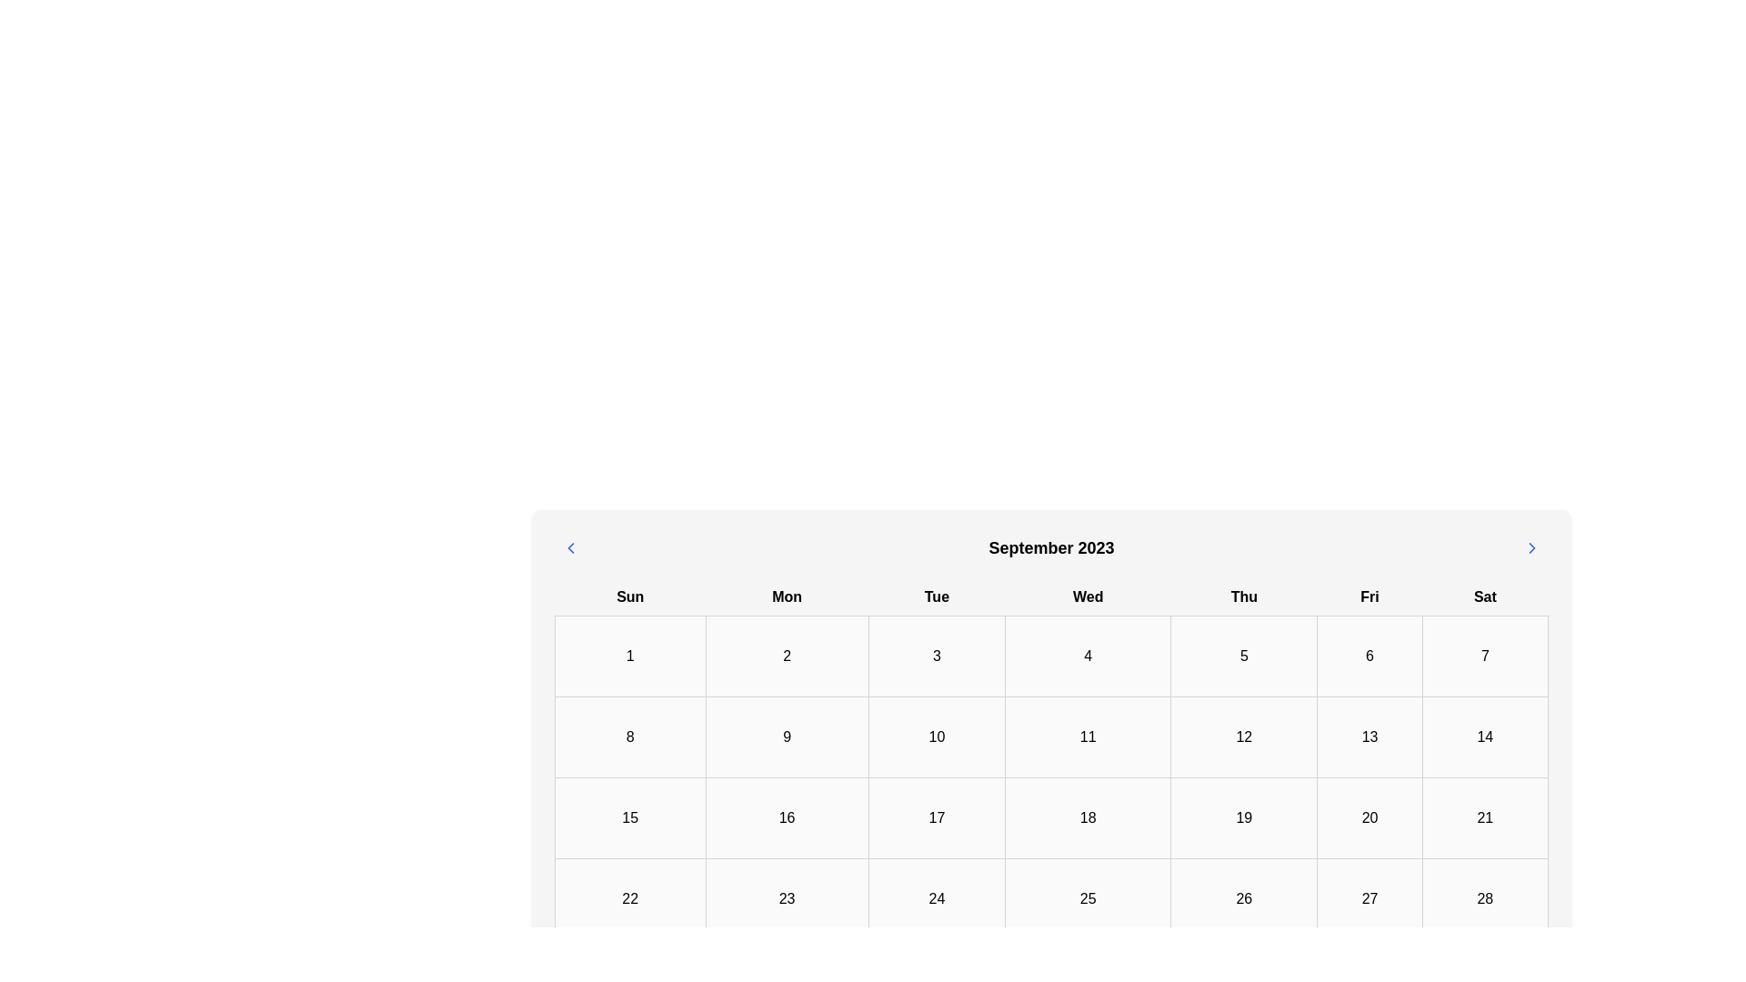 This screenshot has width=1746, height=982. What do you see at coordinates (937, 736) in the screenshot?
I see `the Calendar Day Element displaying the numeral '10'` at bounding box center [937, 736].